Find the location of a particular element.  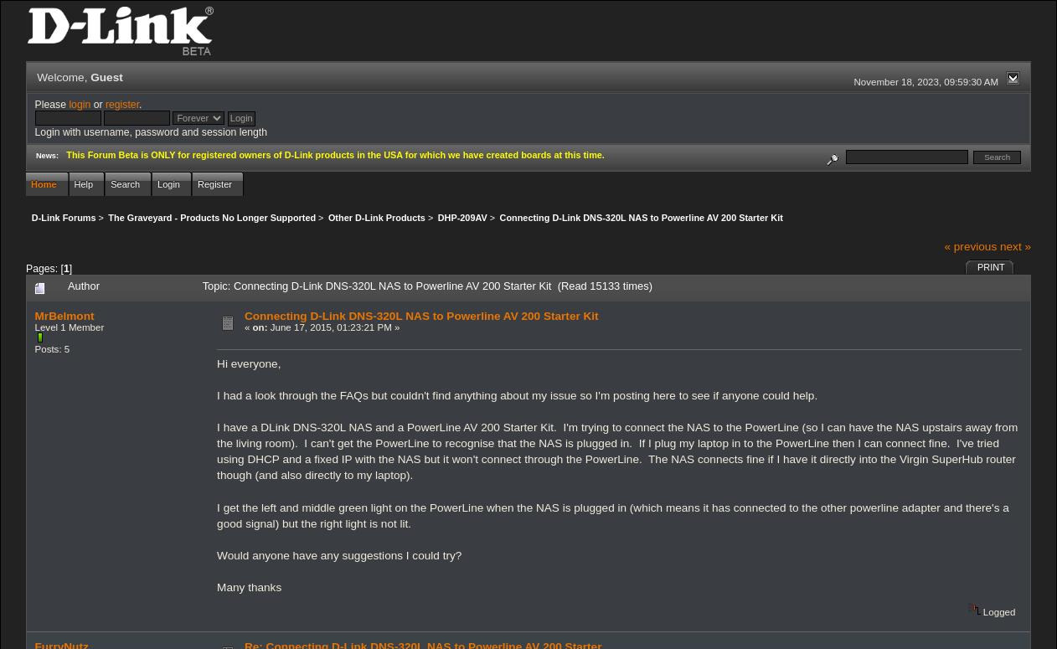

'Pages: [' is located at coordinates (44, 268).